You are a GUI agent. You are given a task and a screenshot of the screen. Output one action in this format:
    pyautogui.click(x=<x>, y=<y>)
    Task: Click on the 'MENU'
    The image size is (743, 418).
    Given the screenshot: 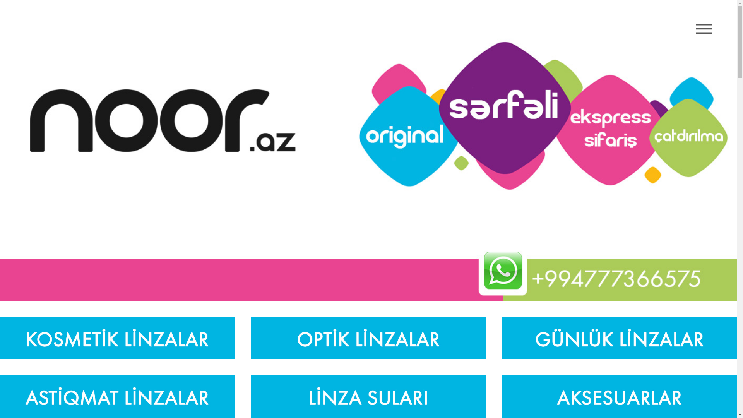 What is the action you would take?
    pyautogui.click(x=704, y=28)
    